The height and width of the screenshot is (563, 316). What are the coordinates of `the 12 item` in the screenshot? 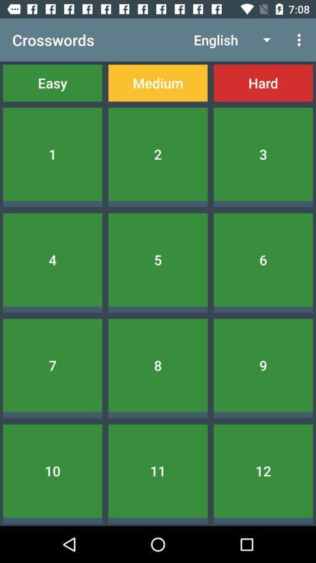 It's located at (263, 471).